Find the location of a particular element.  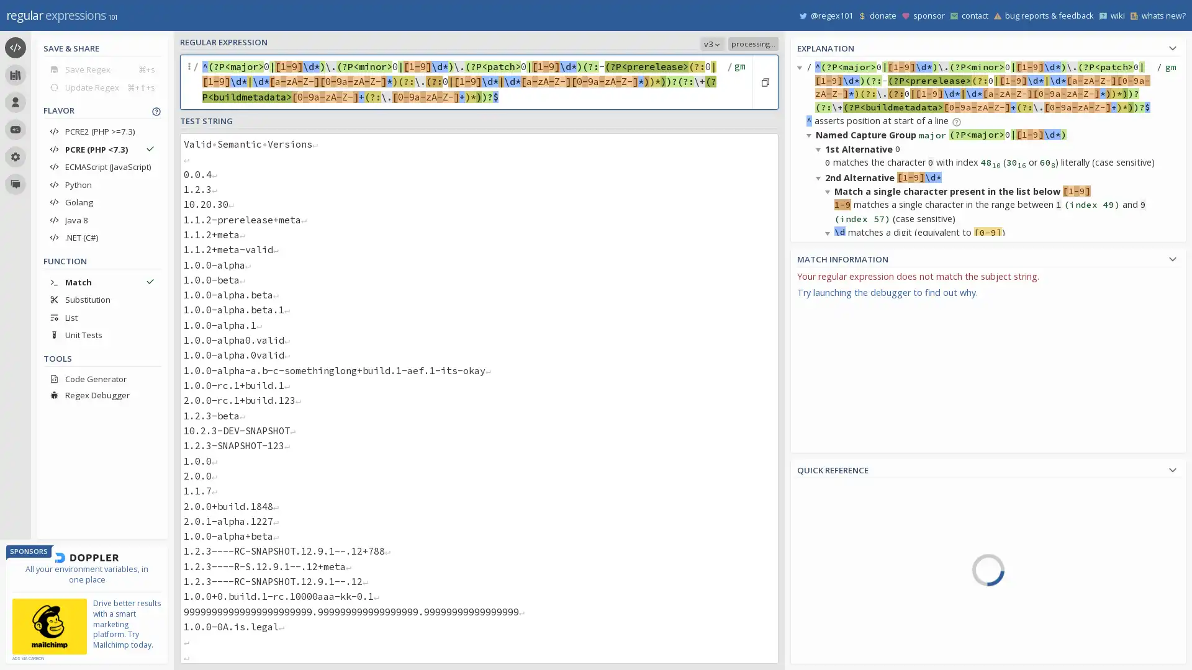

Substitution is located at coordinates (102, 299).